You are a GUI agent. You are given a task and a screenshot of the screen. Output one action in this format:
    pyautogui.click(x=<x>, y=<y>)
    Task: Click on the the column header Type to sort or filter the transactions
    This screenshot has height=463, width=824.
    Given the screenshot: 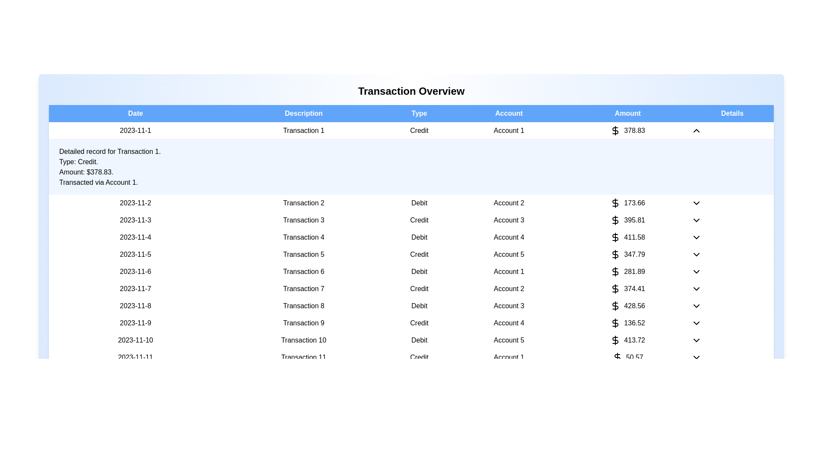 What is the action you would take?
    pyautogui.click(x=419, y=113)
    